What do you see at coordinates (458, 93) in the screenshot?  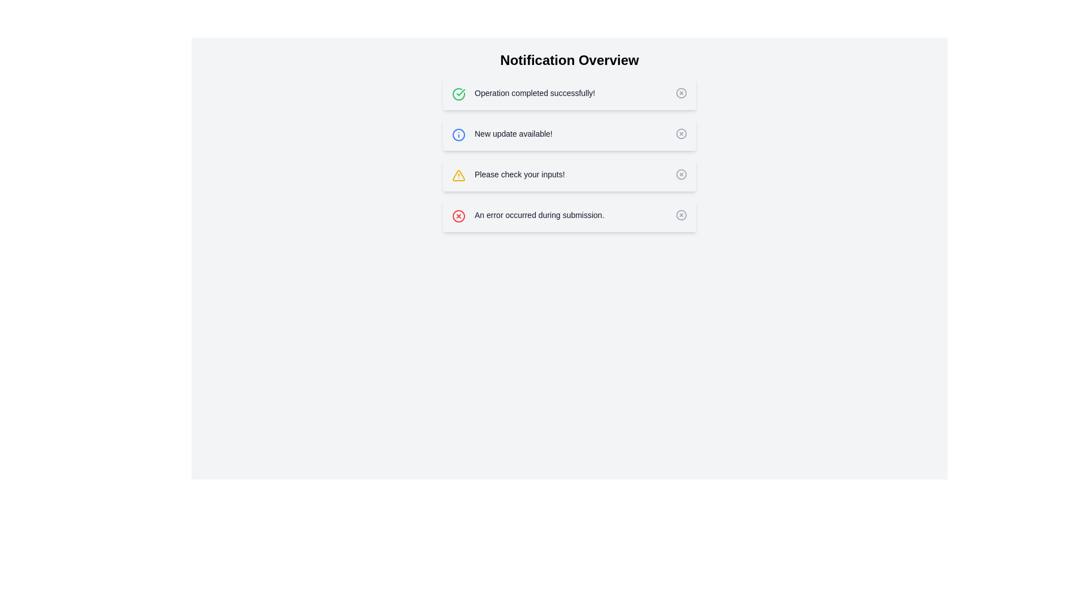 I see `the success completion icon located at the leftmost side of the notification box labeled 'Operation completed successfully!'` at bounding box center [458, 93].